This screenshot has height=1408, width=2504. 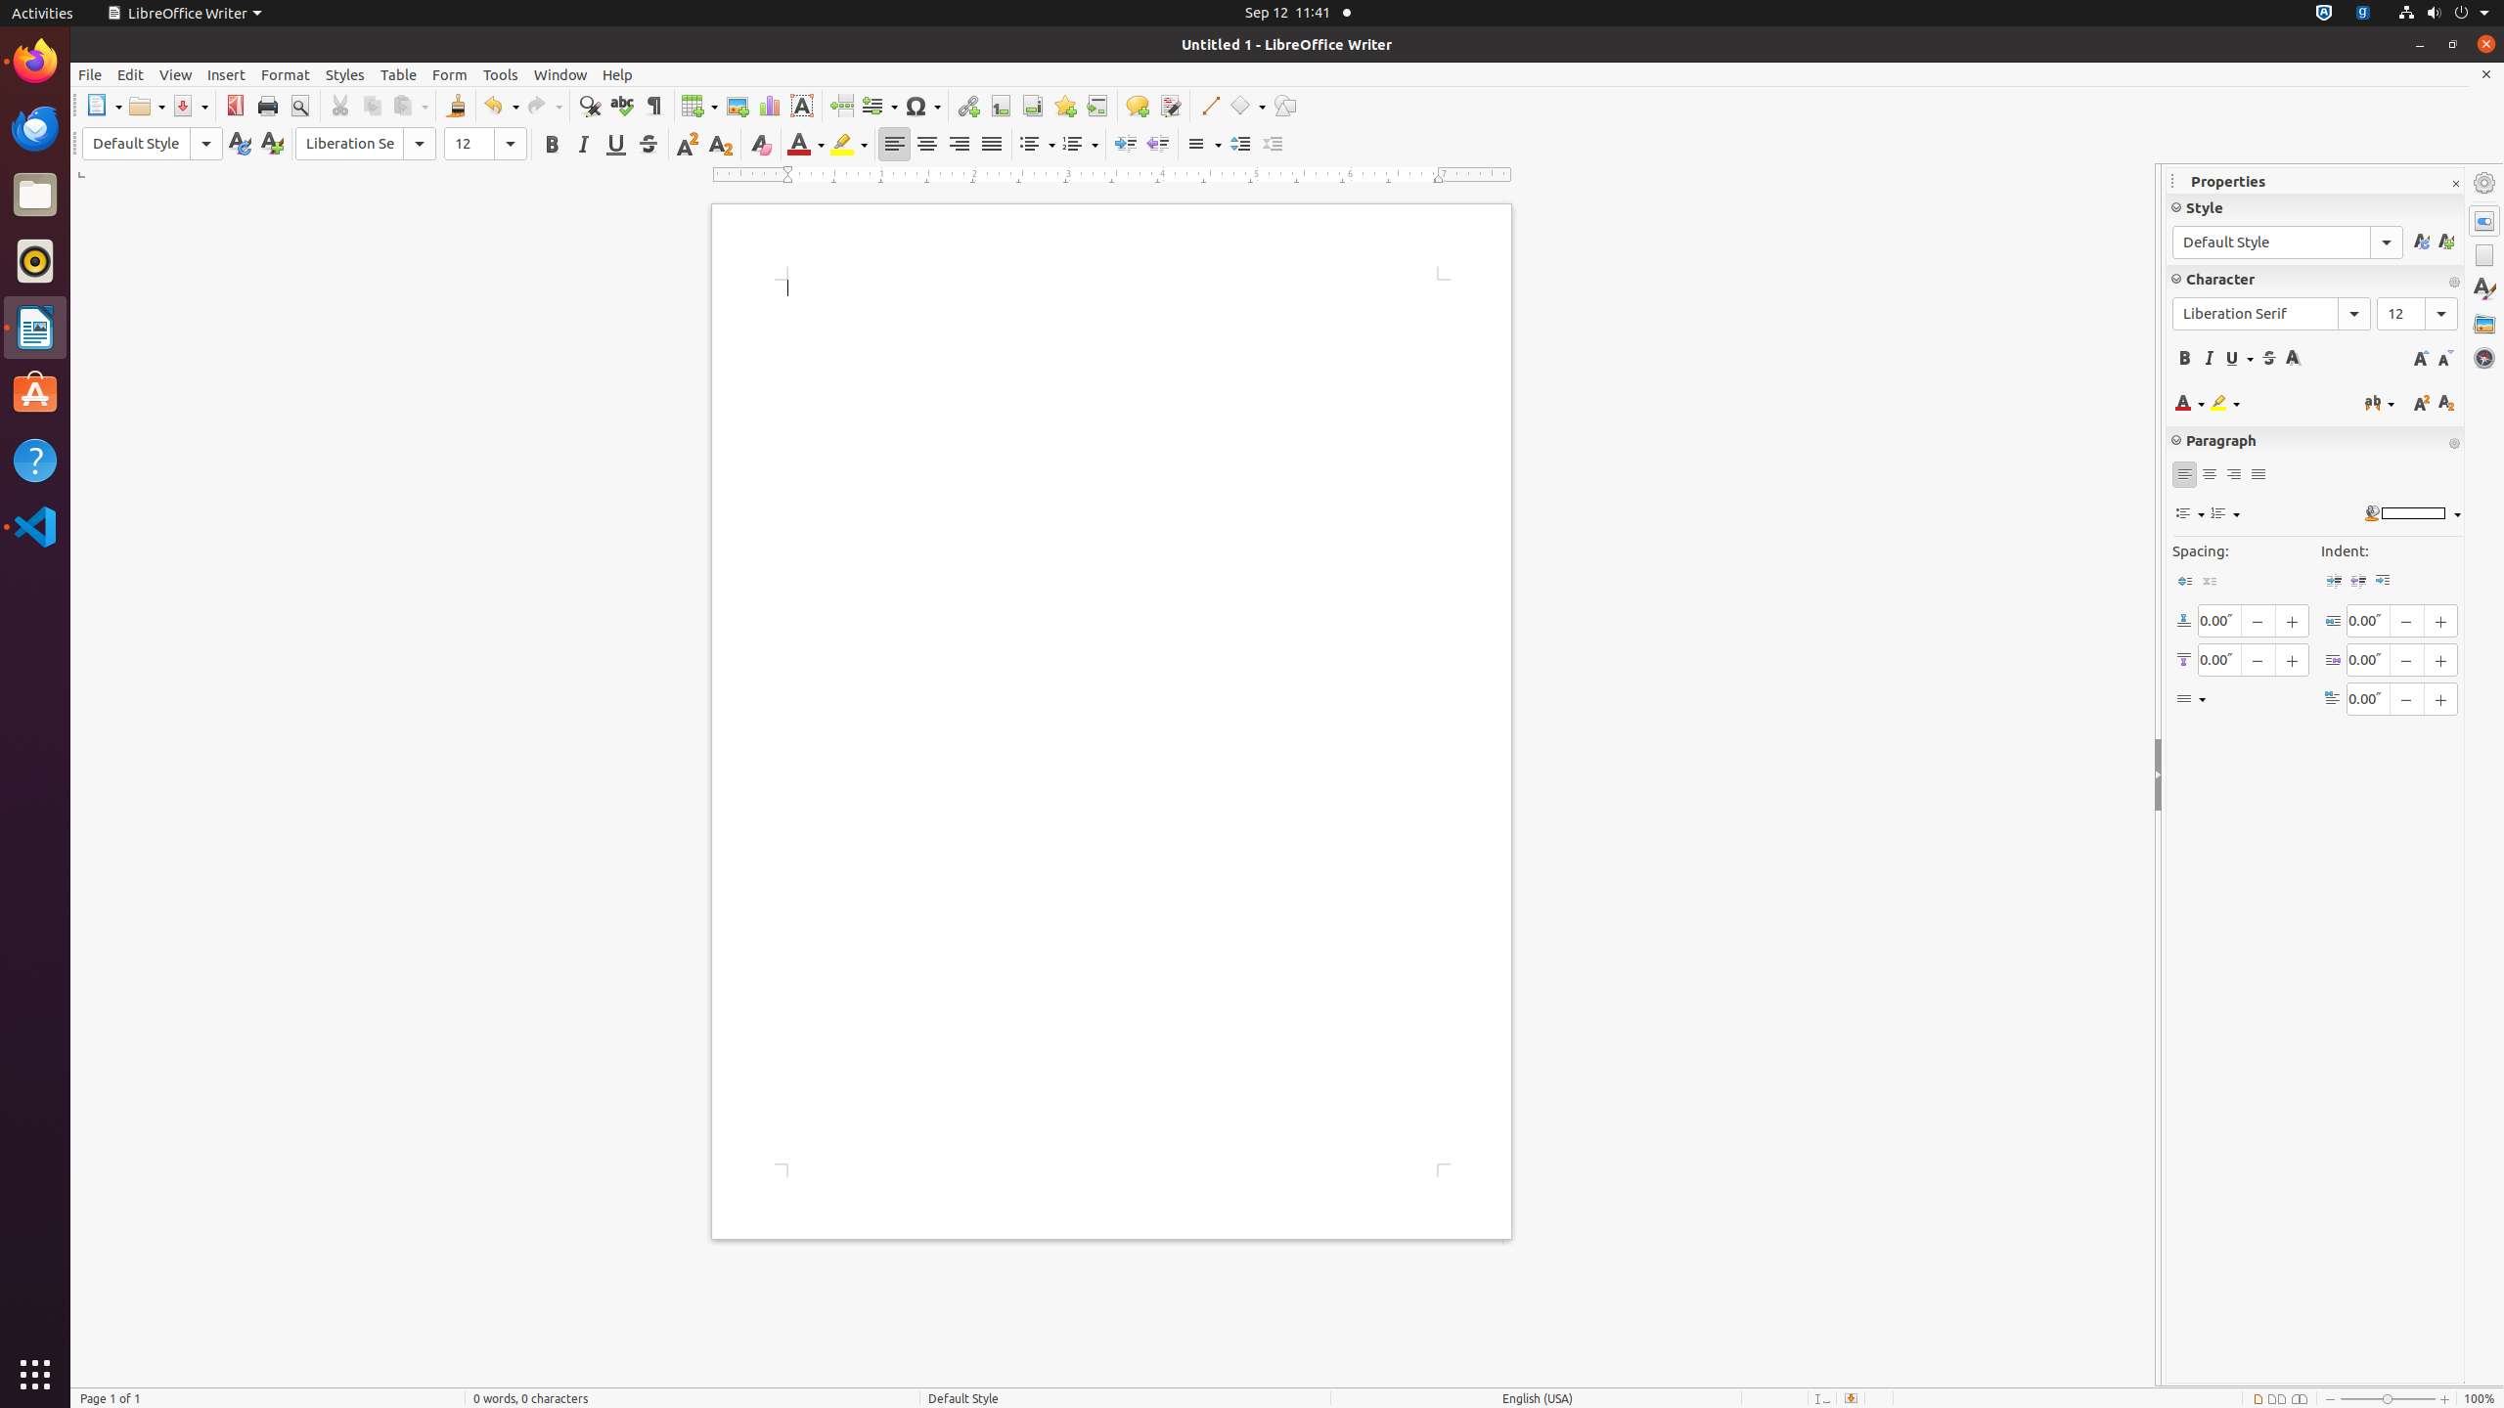 I want to click on 'Rhythmbox', so click(x=35, y=259).